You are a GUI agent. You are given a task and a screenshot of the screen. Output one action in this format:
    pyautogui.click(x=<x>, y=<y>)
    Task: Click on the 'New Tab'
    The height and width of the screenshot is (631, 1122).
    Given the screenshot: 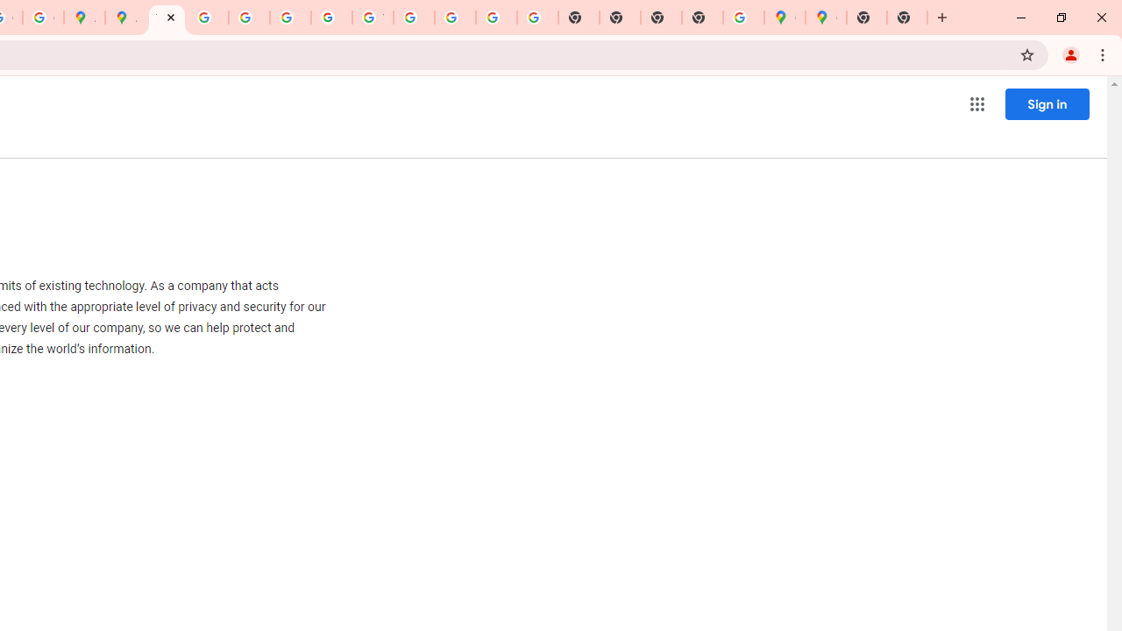 What is the action you would take?
    pyautogui.click(x=941, y=18)
    